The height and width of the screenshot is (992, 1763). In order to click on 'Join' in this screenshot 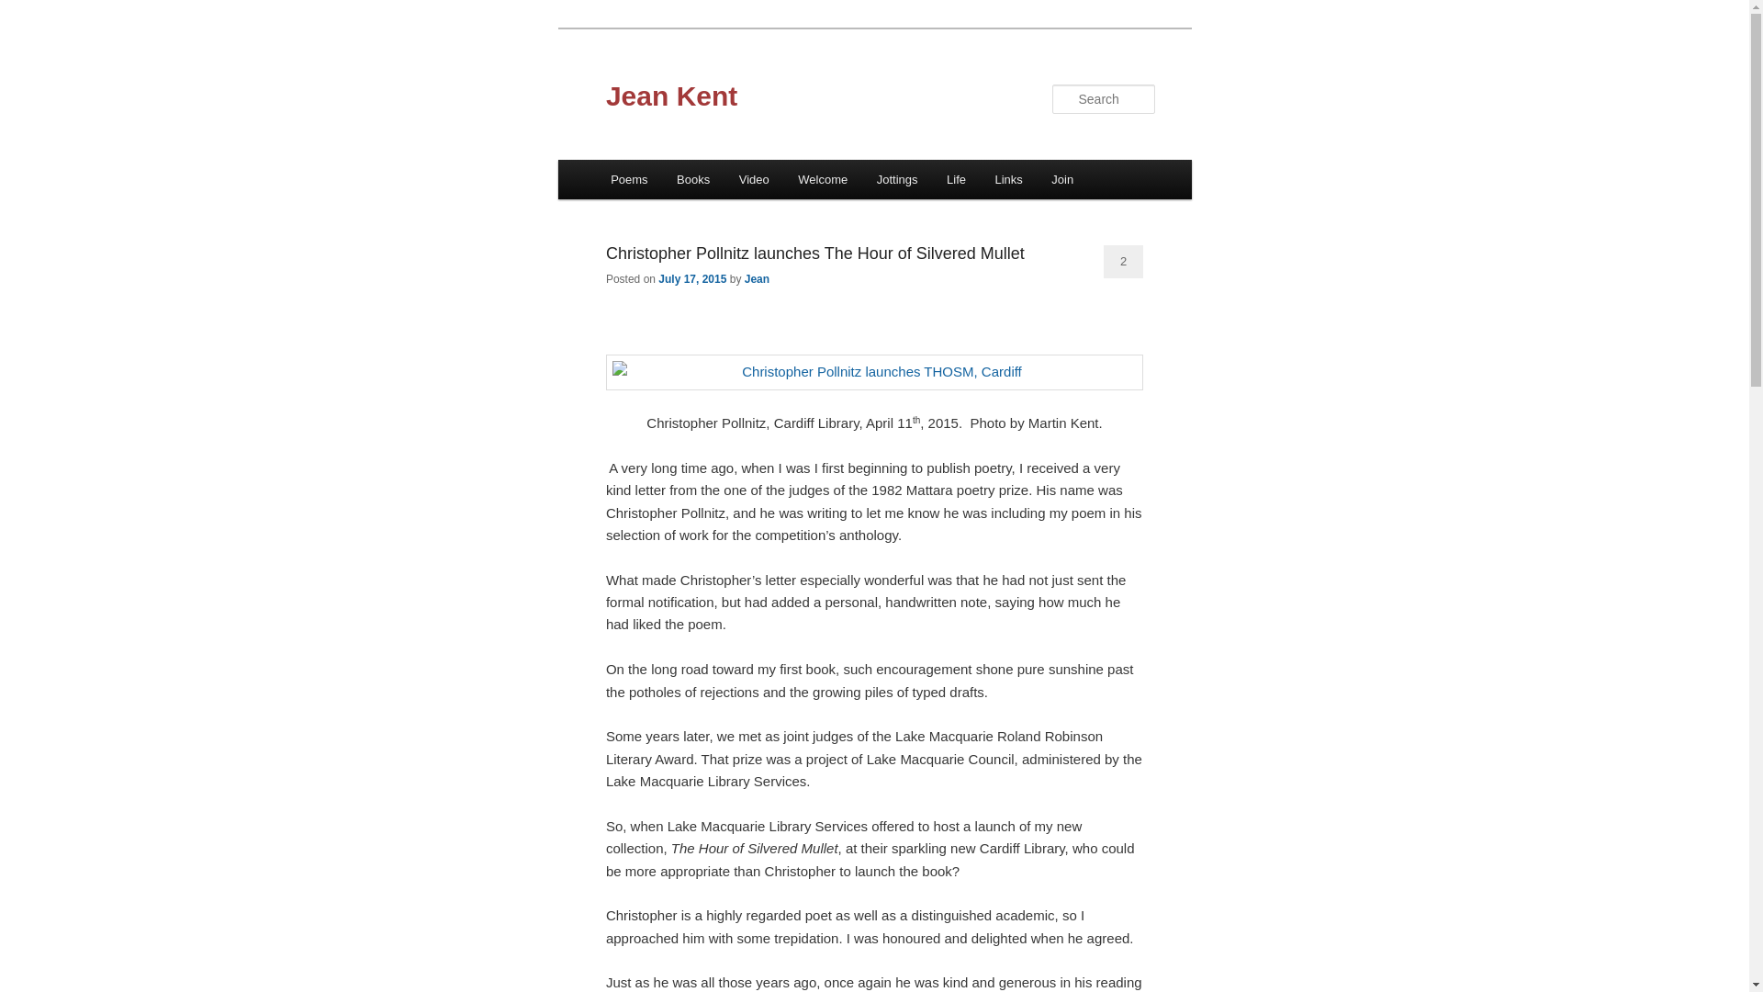, I will do `click(1062, 179)`.